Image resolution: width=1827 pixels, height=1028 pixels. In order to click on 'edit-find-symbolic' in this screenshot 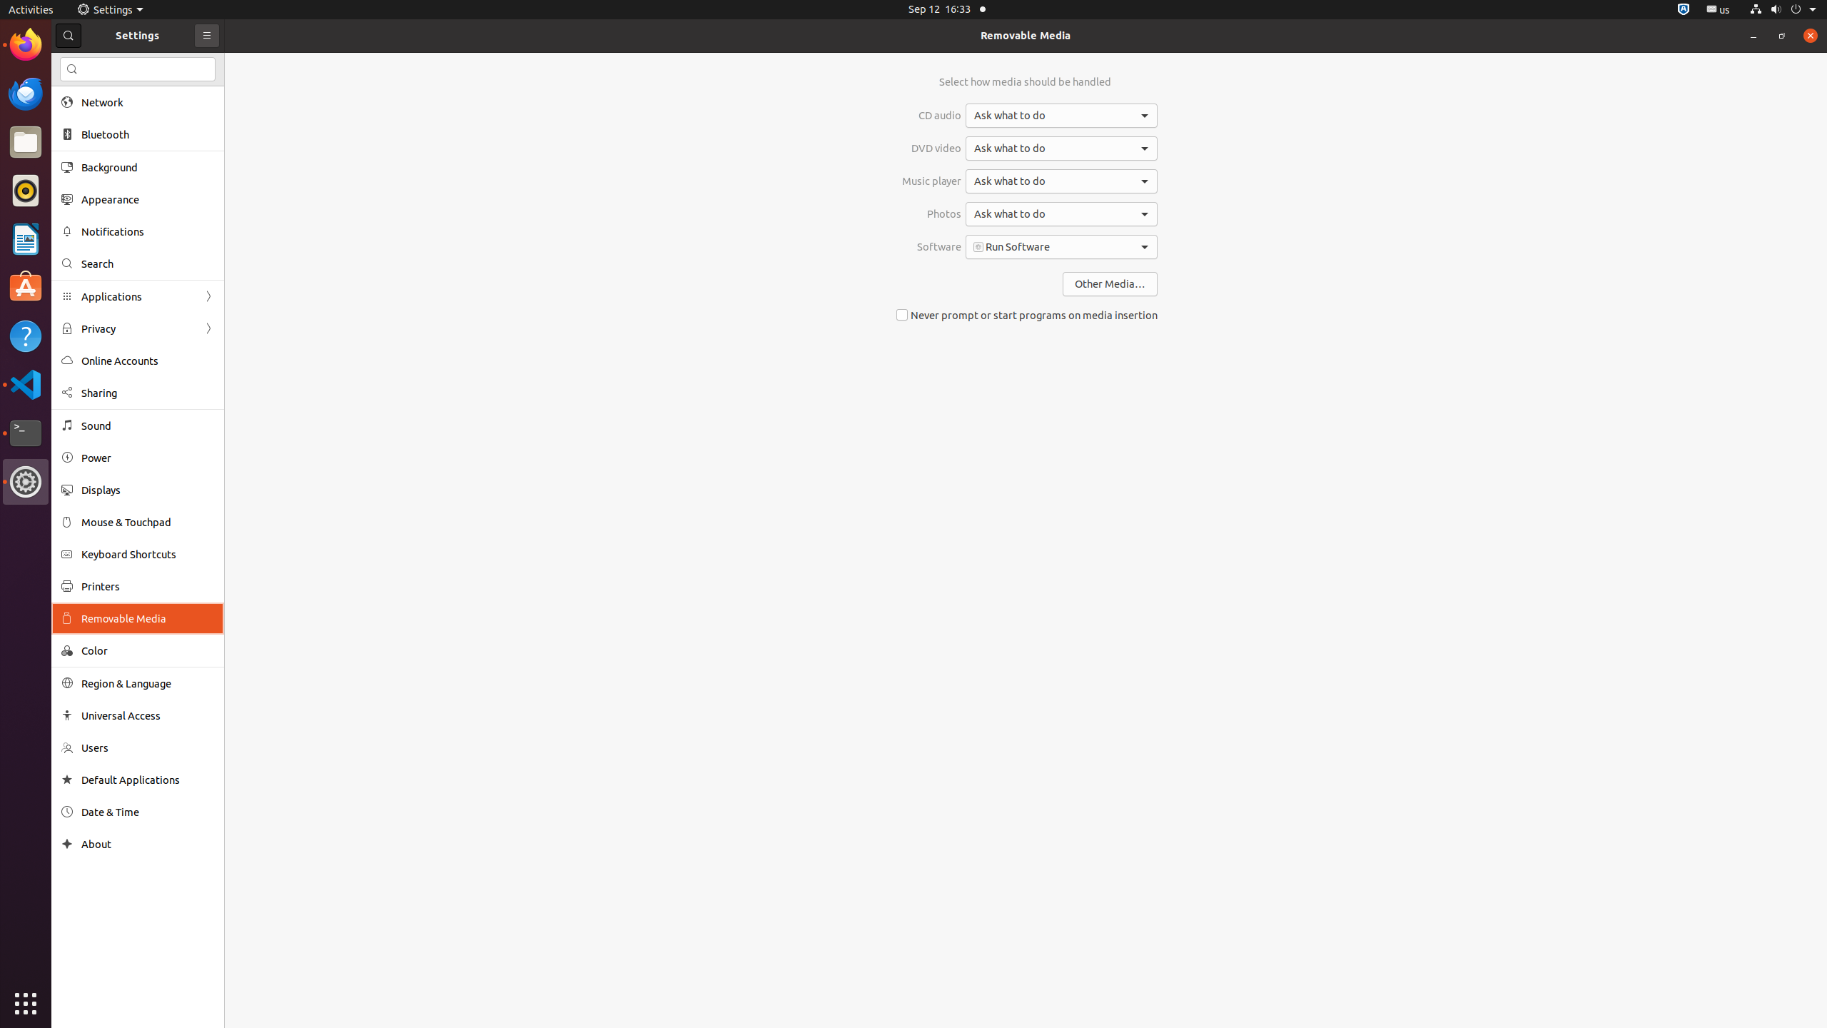, I will do `click(72, 69)`.